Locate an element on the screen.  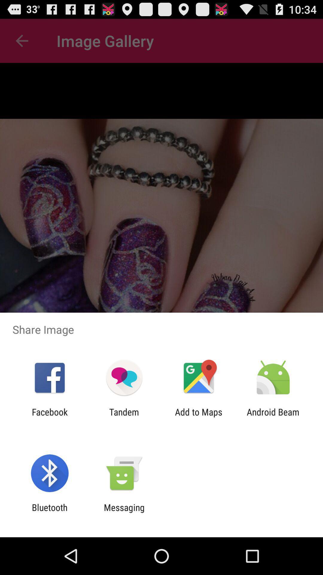
item to the right of the facebook app is located at coordinates (124, 417).